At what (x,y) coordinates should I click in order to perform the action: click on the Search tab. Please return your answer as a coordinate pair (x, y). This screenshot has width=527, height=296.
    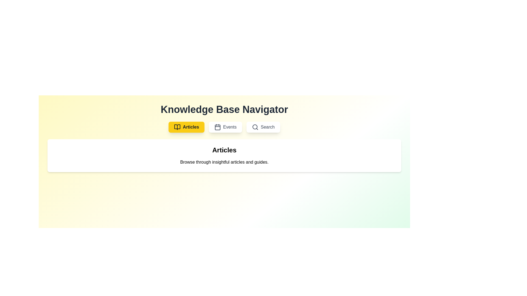
    Looking at the image, I should click on (263, 127).